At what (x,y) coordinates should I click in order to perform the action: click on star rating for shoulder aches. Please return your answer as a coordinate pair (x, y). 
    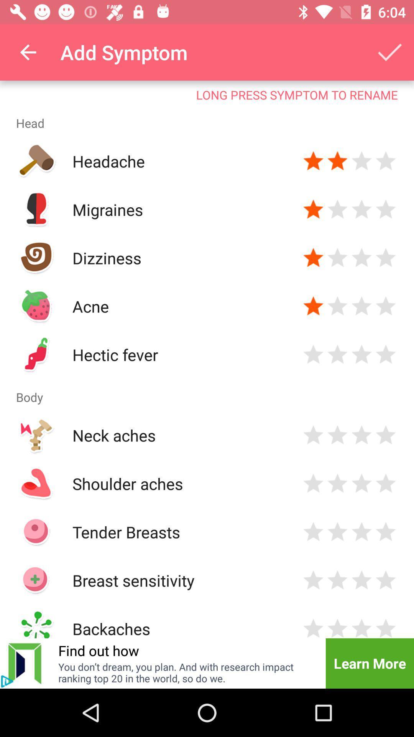
    Looking at the image, I should click on (313, 483).